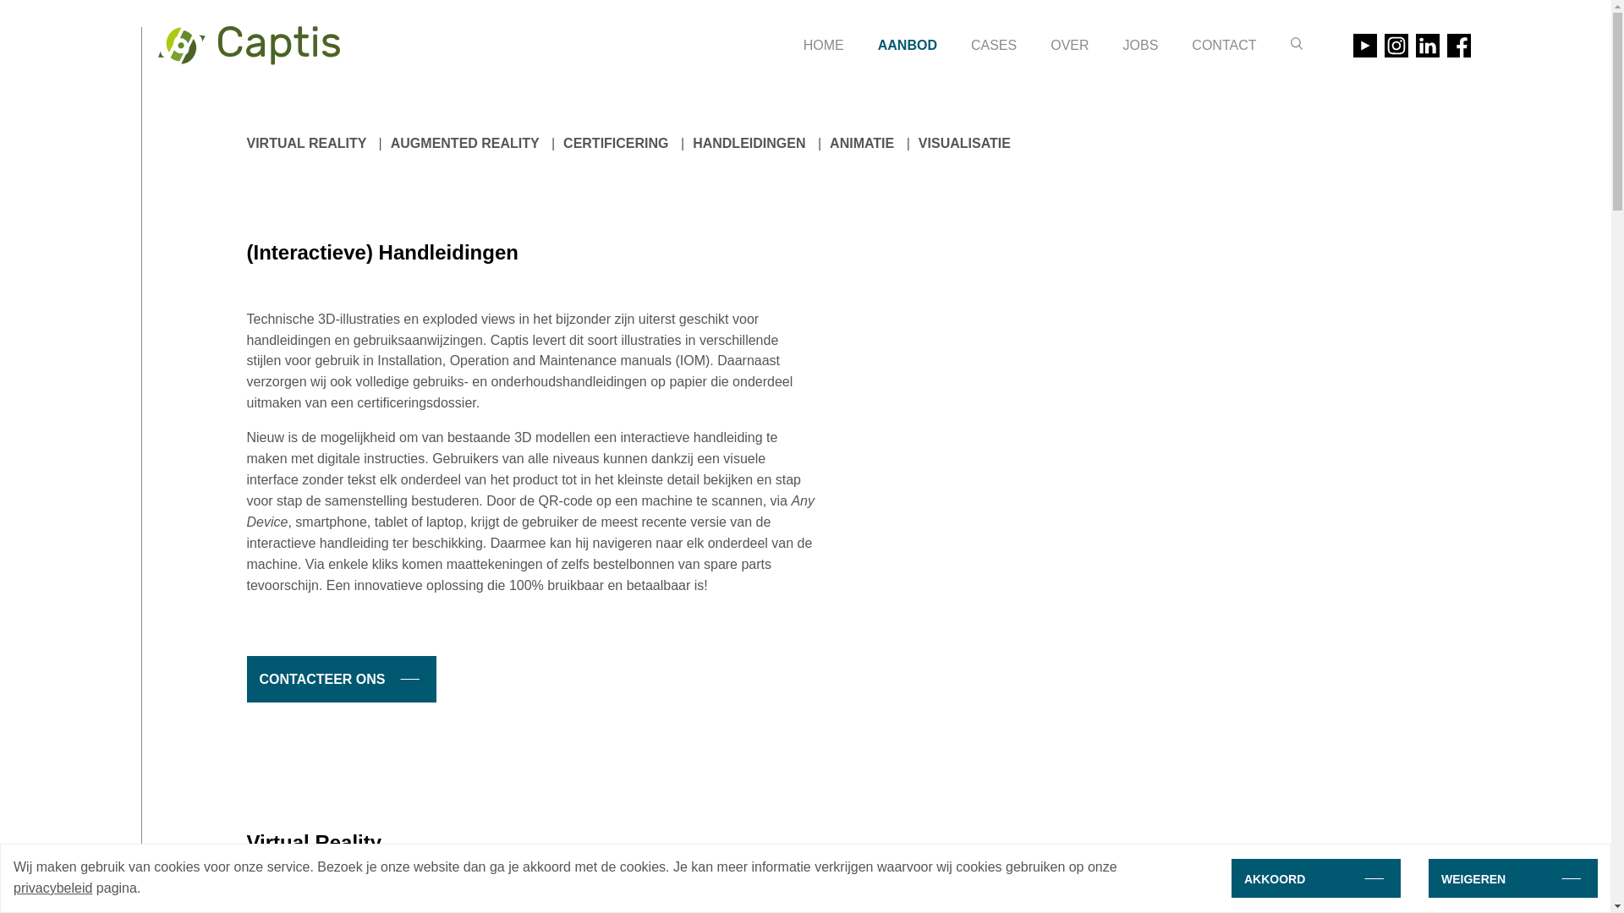  Describe the element at coordinates (1364, 45) in the screenshot. I see `'Bezoek onze Youtube pagina'` at that location.